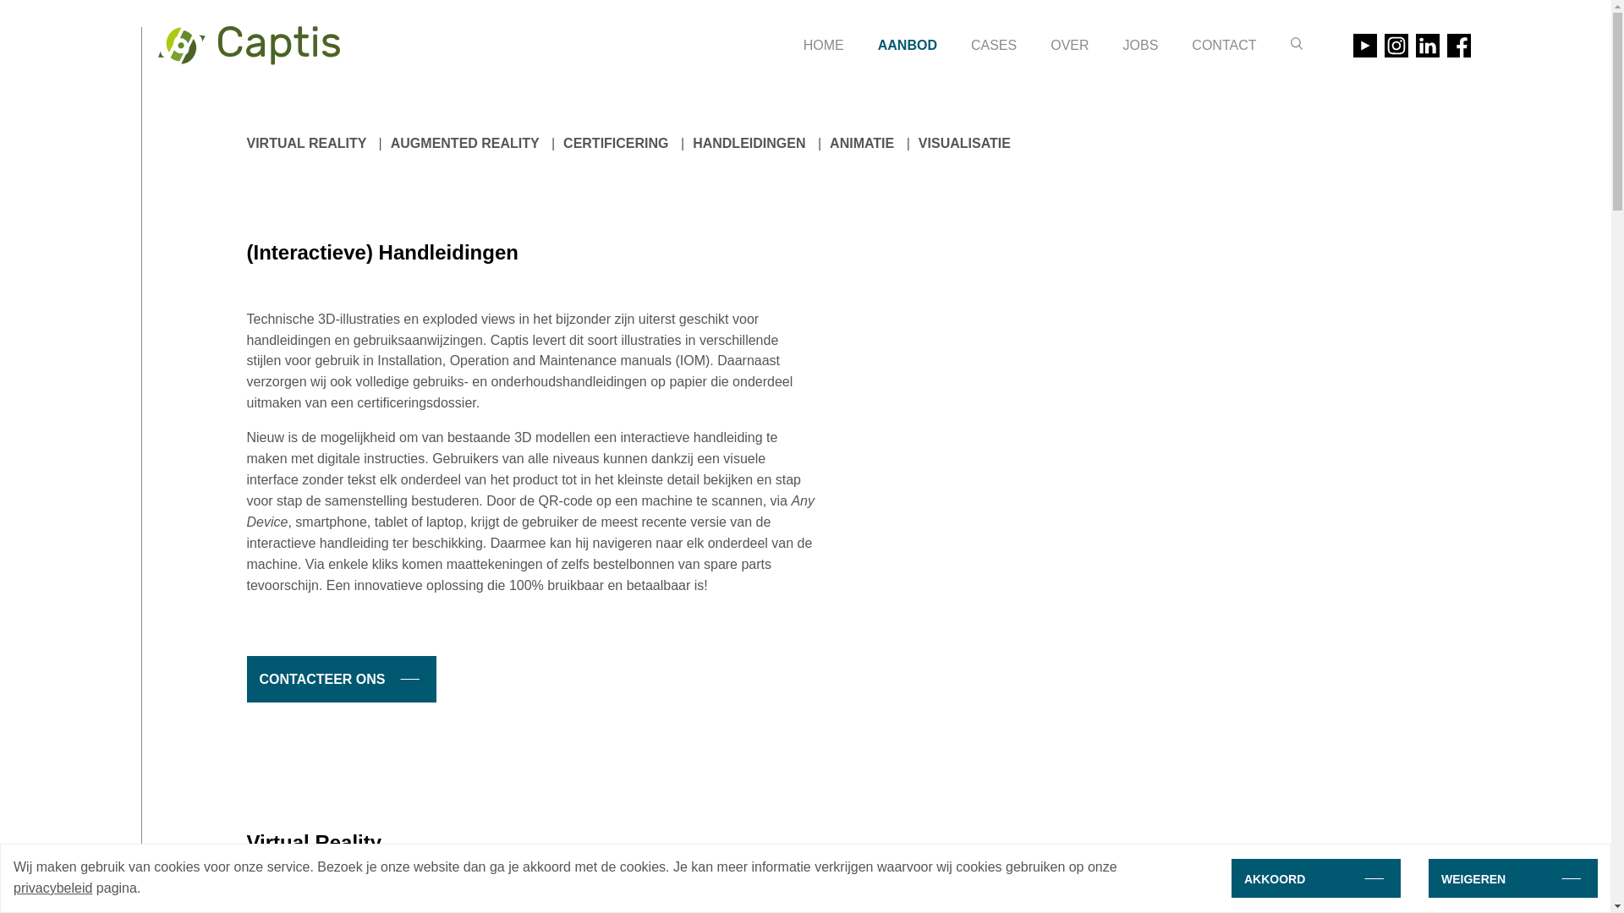  Describe the element at coordinates (1364, 45) in the screenshot. I see `'Bezoek onze Youtube pagina'` at that location.